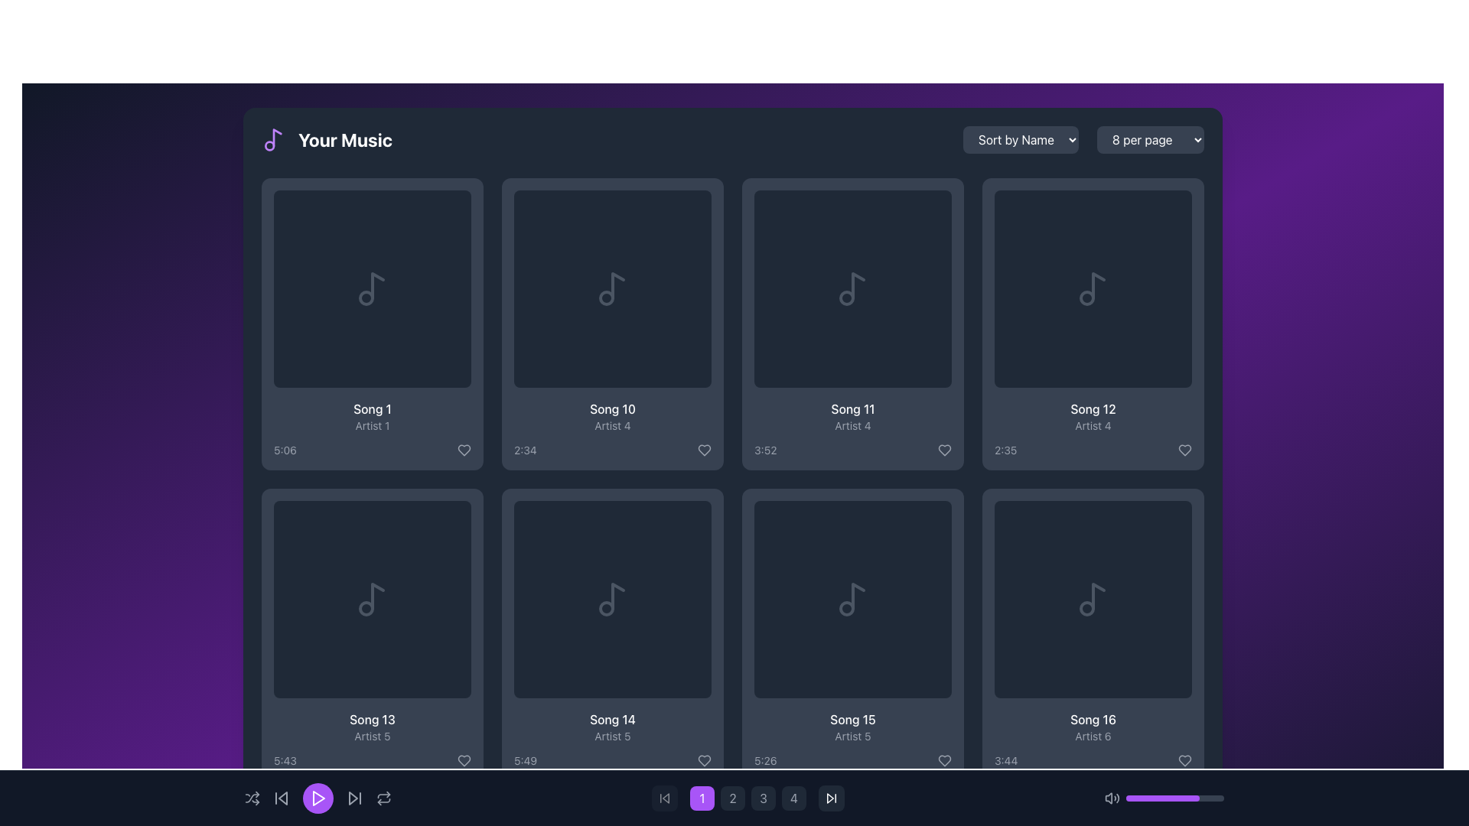 The width and height of the screenshot is (1469, 826). I want to click on the graphical decorative element of the music note icon located at the center of the tile labeled 'Song 11', positioned in the second row, third column, so click(846, 298).